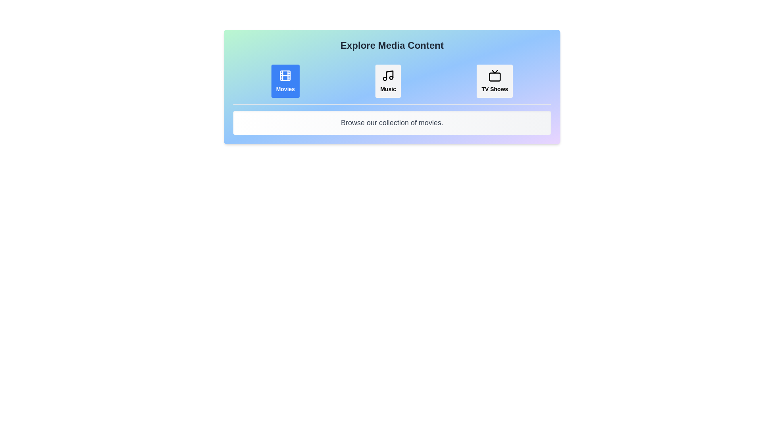 The height and width of the screenshot is (428, 762). I want to click on the music note icon located in the 'Music' option panel, so click(388, 76).